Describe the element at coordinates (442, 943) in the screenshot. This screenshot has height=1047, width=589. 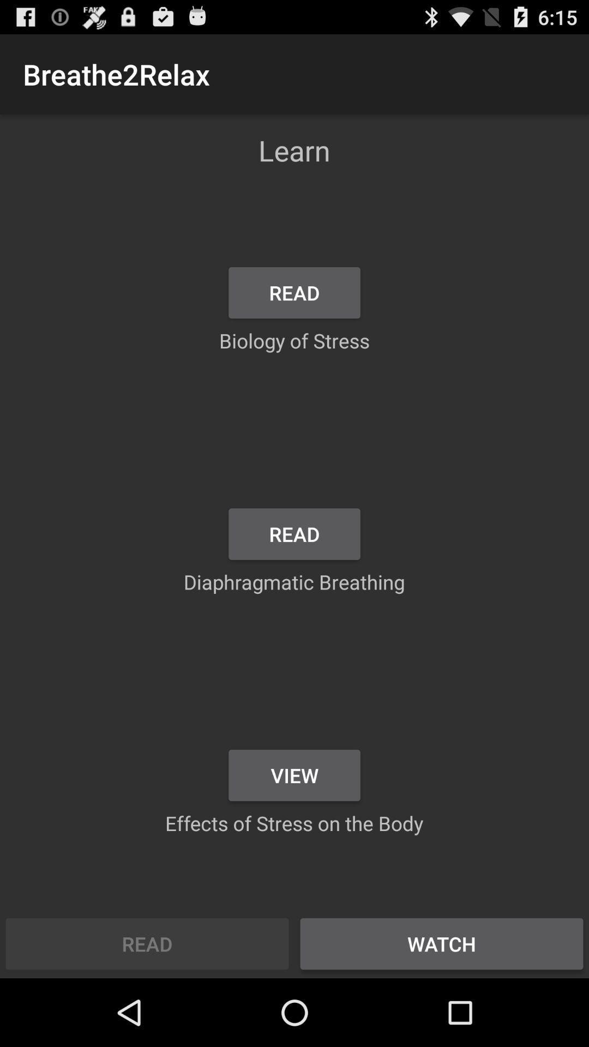
I see `the item next to the read` at that location.